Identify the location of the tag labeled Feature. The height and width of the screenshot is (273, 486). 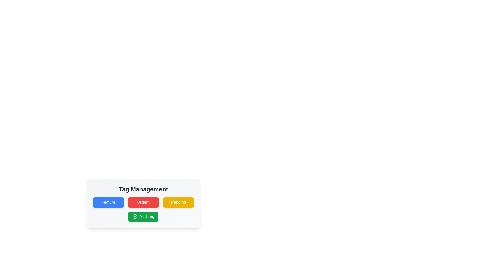
(108, 202).